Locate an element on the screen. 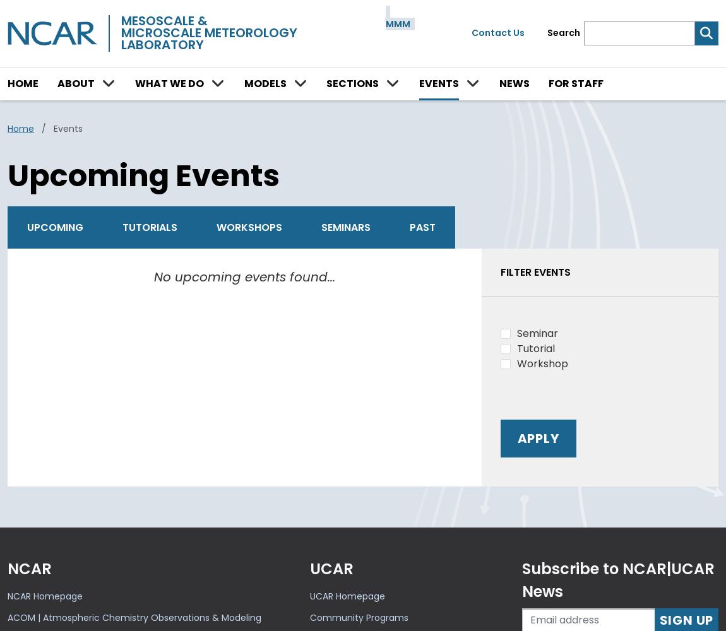 This screenshot has width=726, height=631. 'Sections' is located at coordinates (326, 83).